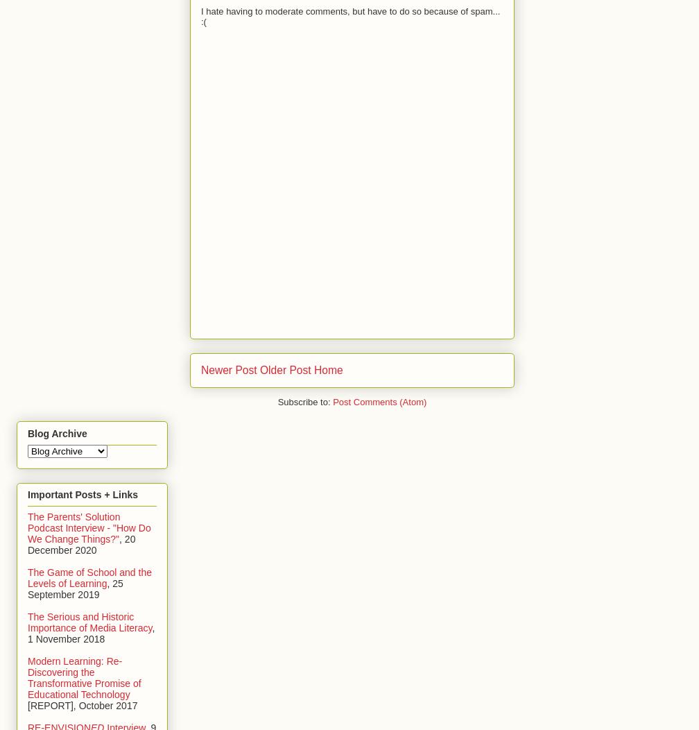 The width and height of the screenshot is (699, 730). I want to click on 'Important Posts + Links', so click(83, 495).